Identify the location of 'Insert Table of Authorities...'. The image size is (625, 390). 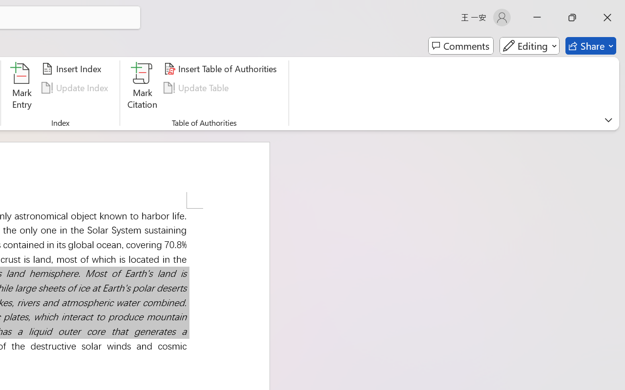
(221, 69).